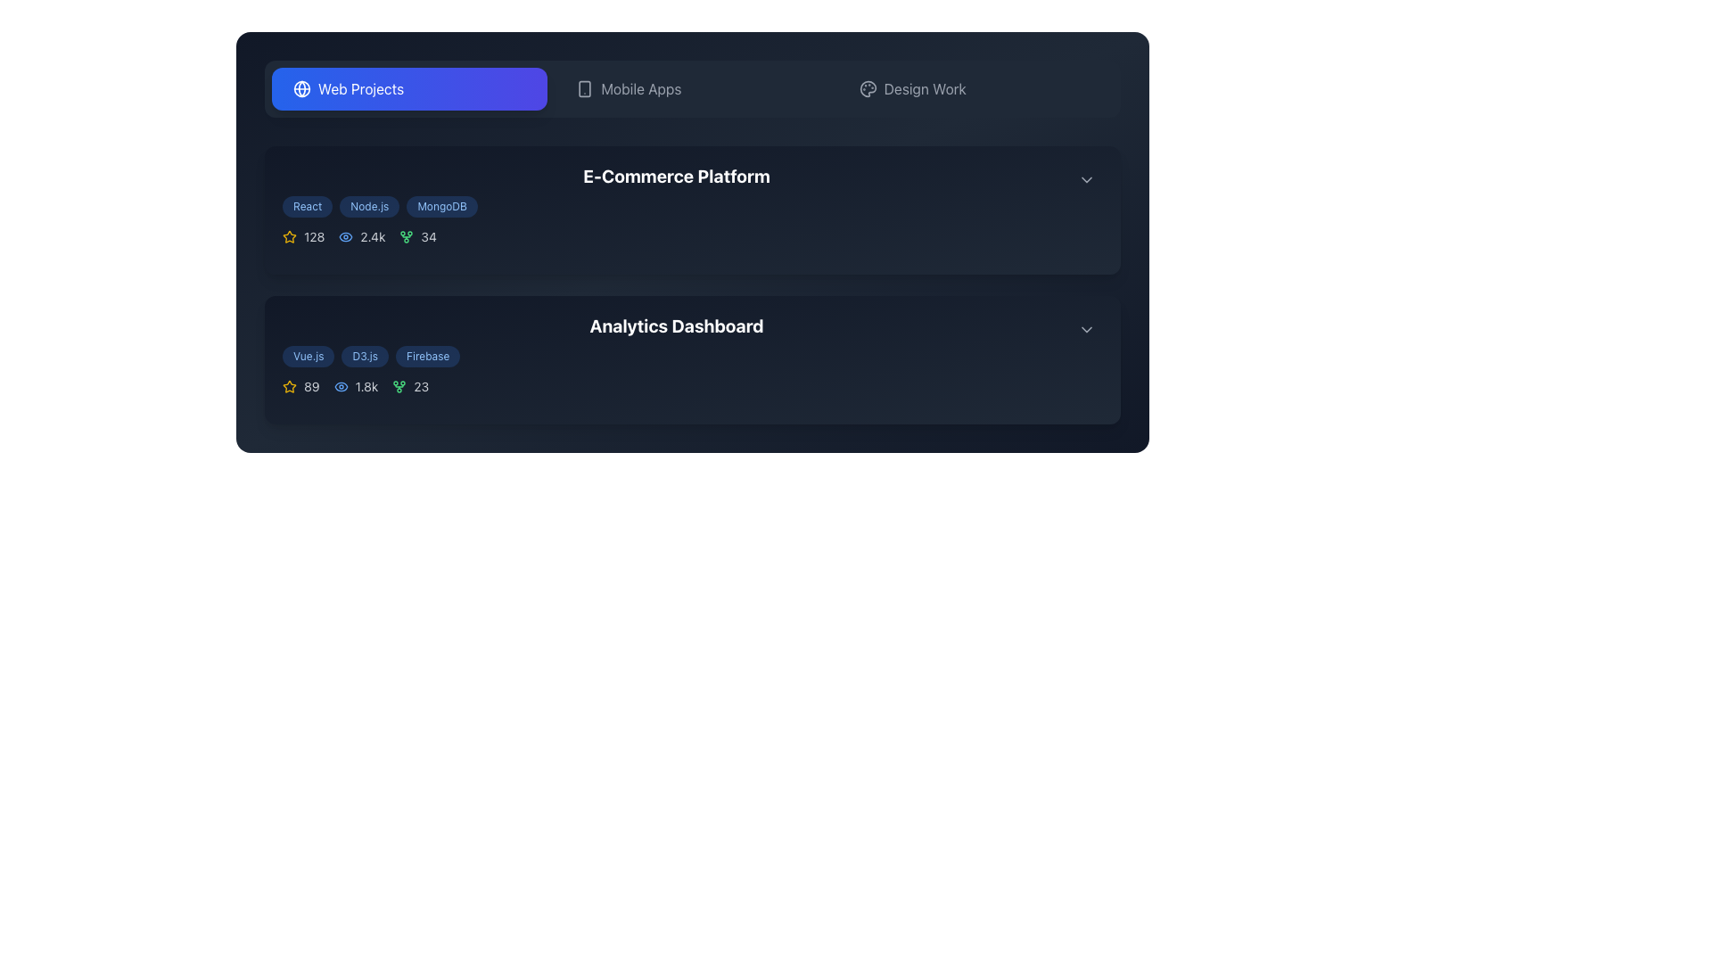  What do you see at coordinates (290, 386) in the screenshot?
I see `the star icon that symbolizes a rating or favorite metric, located to the left of the number '89' in the project metrics section` at bounding box center [290, 386].